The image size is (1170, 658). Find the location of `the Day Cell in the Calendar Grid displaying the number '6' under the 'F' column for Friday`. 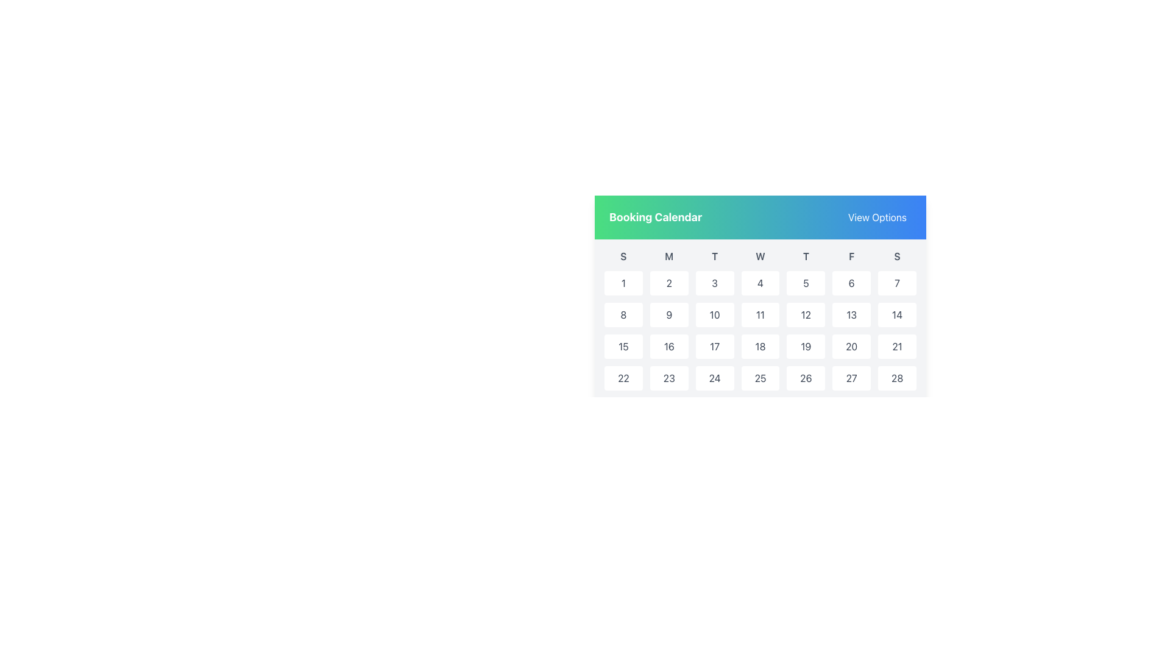

the Day Cell in the Calendar Grid displaying the number '6' under the 'F' column for Friday is located at coordinates (851, 283).